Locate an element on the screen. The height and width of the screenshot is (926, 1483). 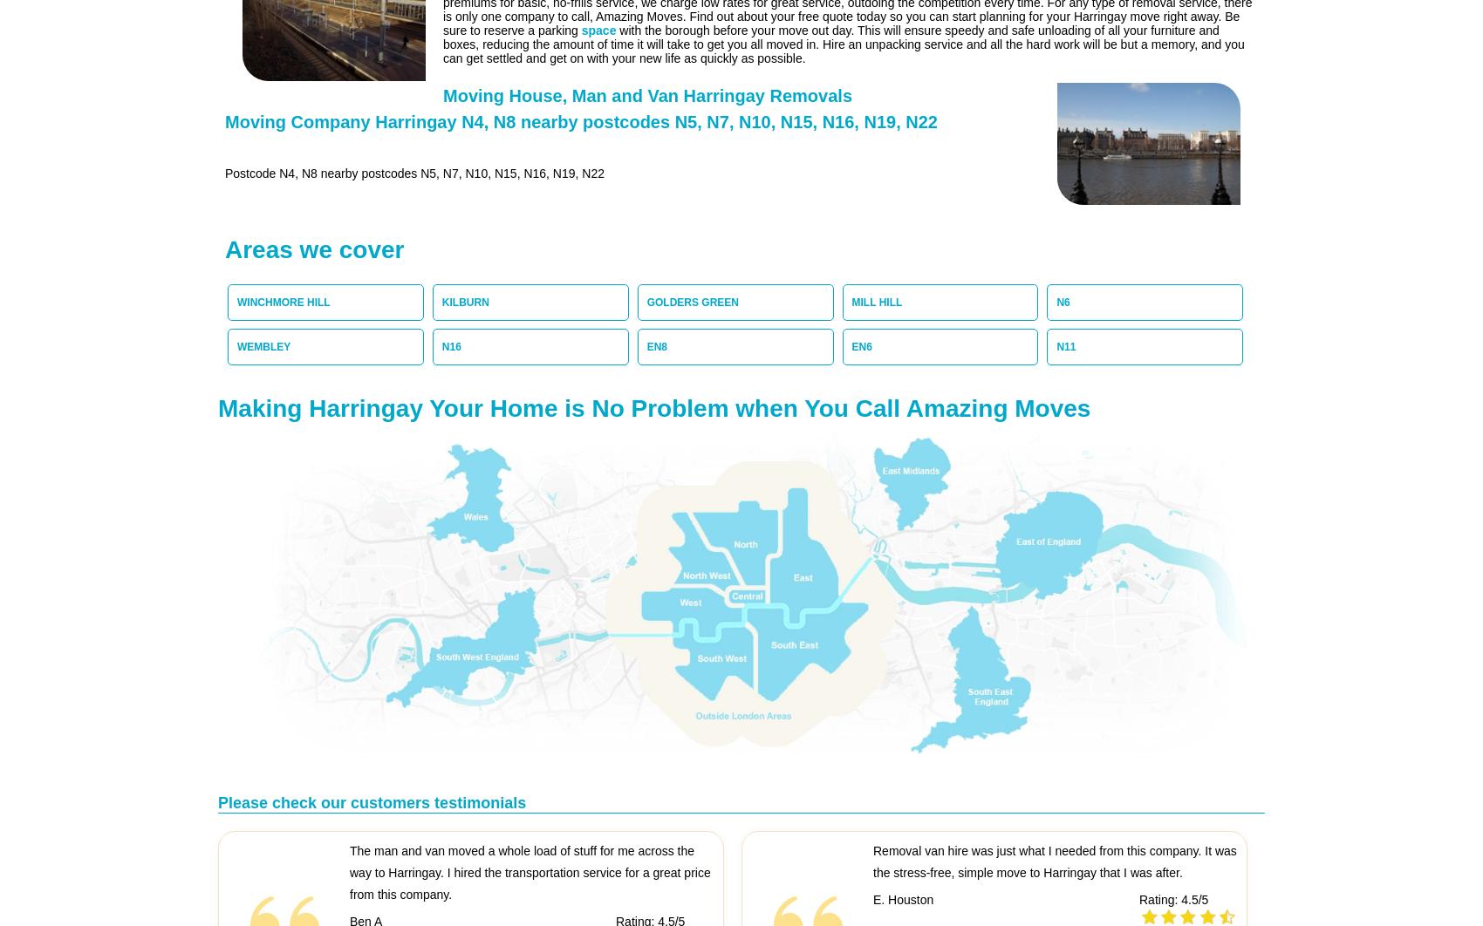
'N11' is located at coordinates (1064, 346).